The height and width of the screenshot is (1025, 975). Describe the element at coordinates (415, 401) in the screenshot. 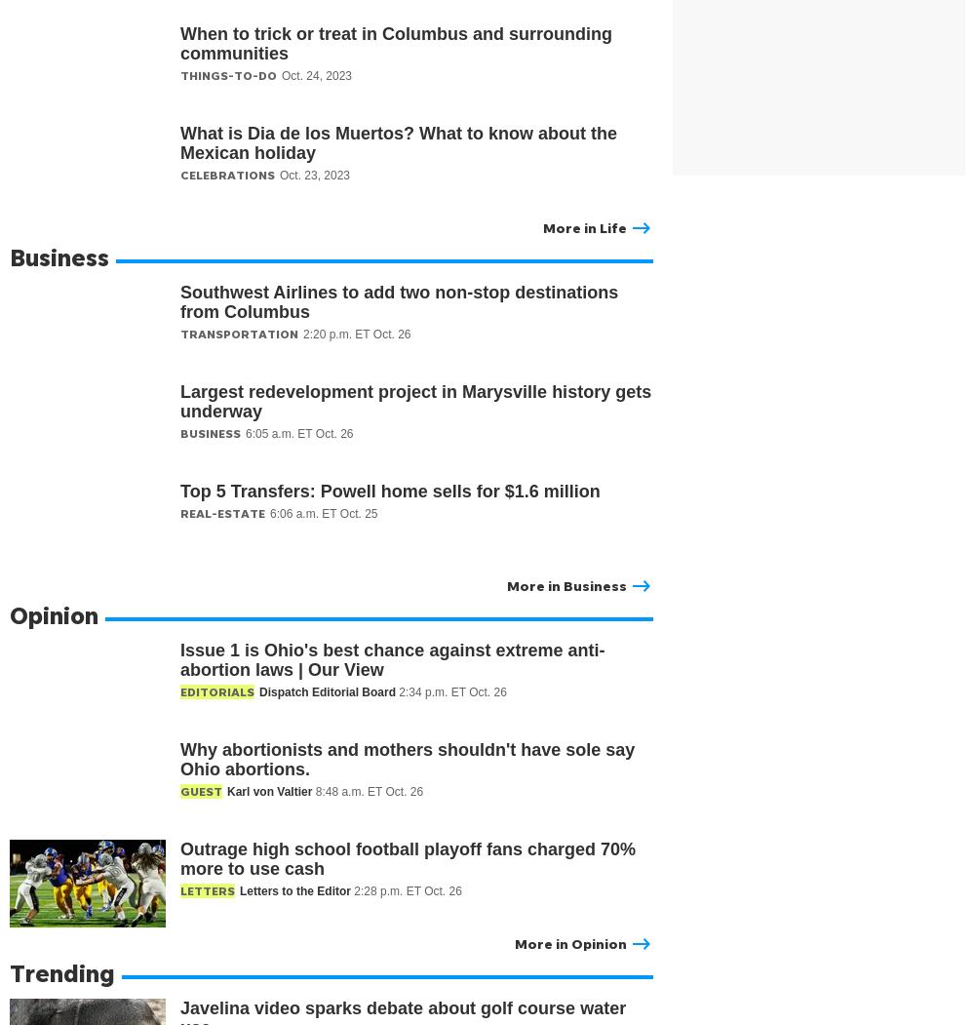

I see `'Largest redevelopment project in Marysville history gets underway'` at that location.